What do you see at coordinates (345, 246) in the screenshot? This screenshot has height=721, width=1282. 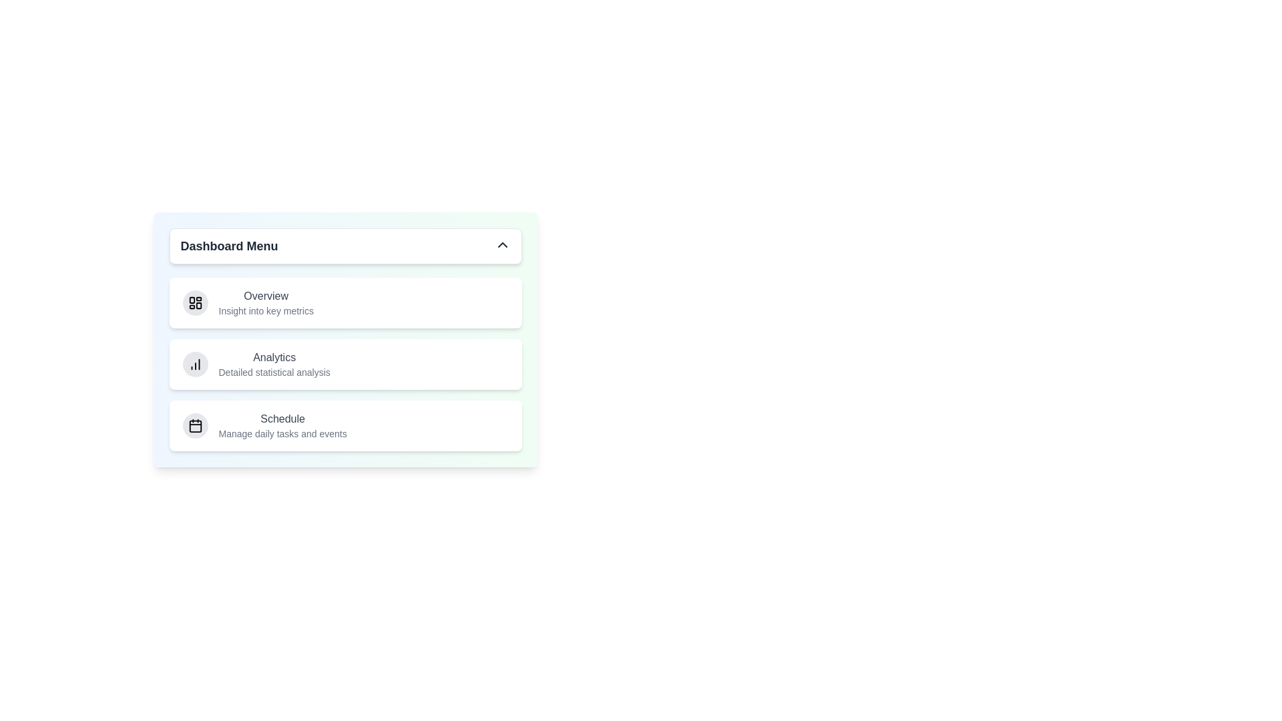 I see `the 'Dashboard Menu' button to toggle the menu visibility` at bounding box center [345, 246].